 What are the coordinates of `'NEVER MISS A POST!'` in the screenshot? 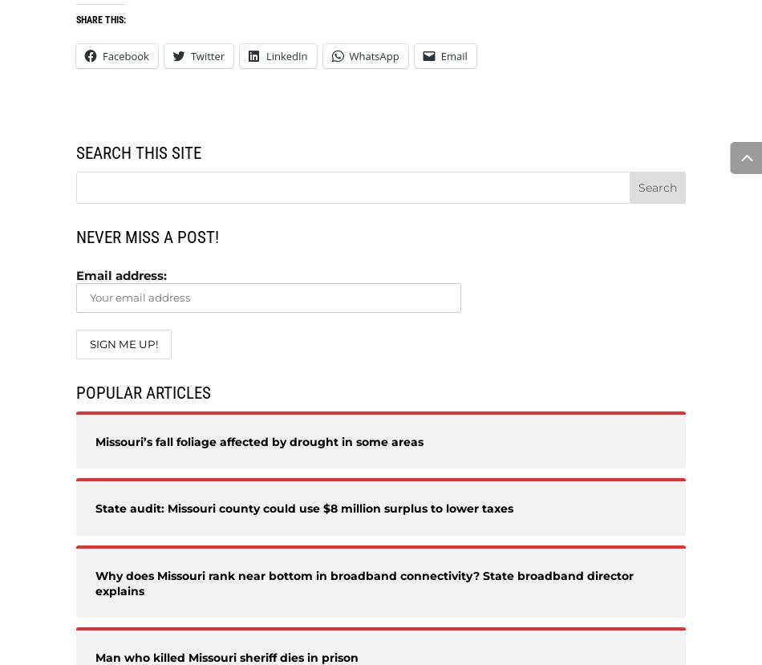 It's located at (148, 236).